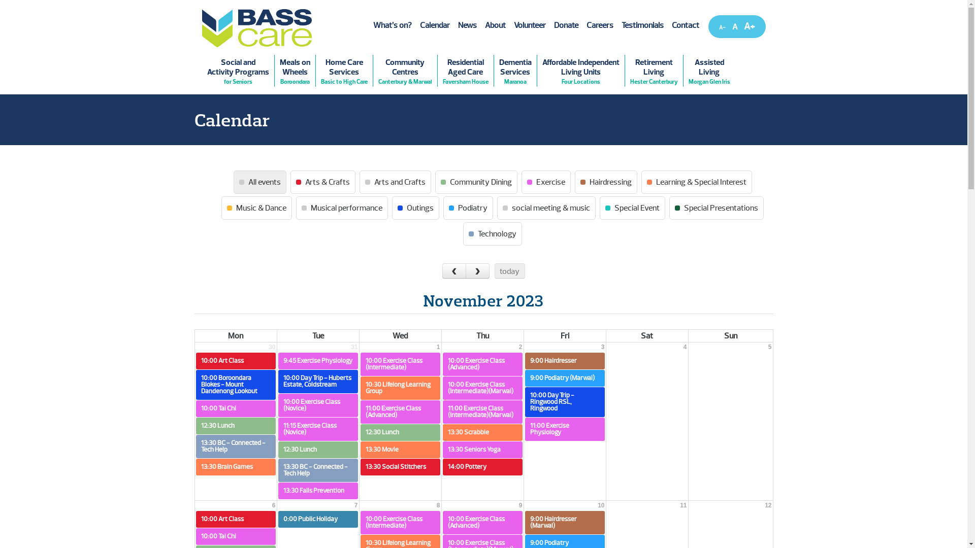 This screenshot has height=548, width=975. I want to click on 'A', so click(721, 27).